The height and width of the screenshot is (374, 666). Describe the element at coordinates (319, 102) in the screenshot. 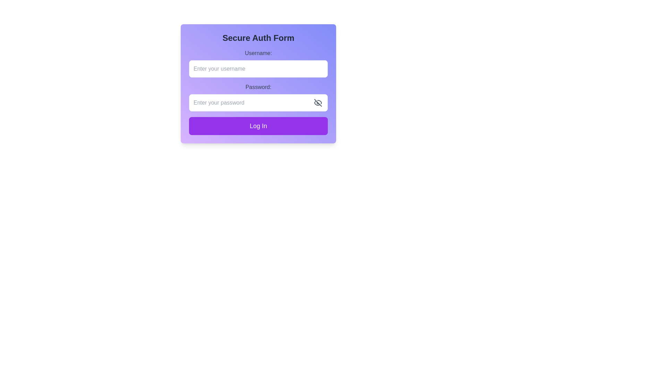

I see `the upper arc of the hidden eye motif icon, which is part of the eye-off icon SVG located near the password input field` at that location.